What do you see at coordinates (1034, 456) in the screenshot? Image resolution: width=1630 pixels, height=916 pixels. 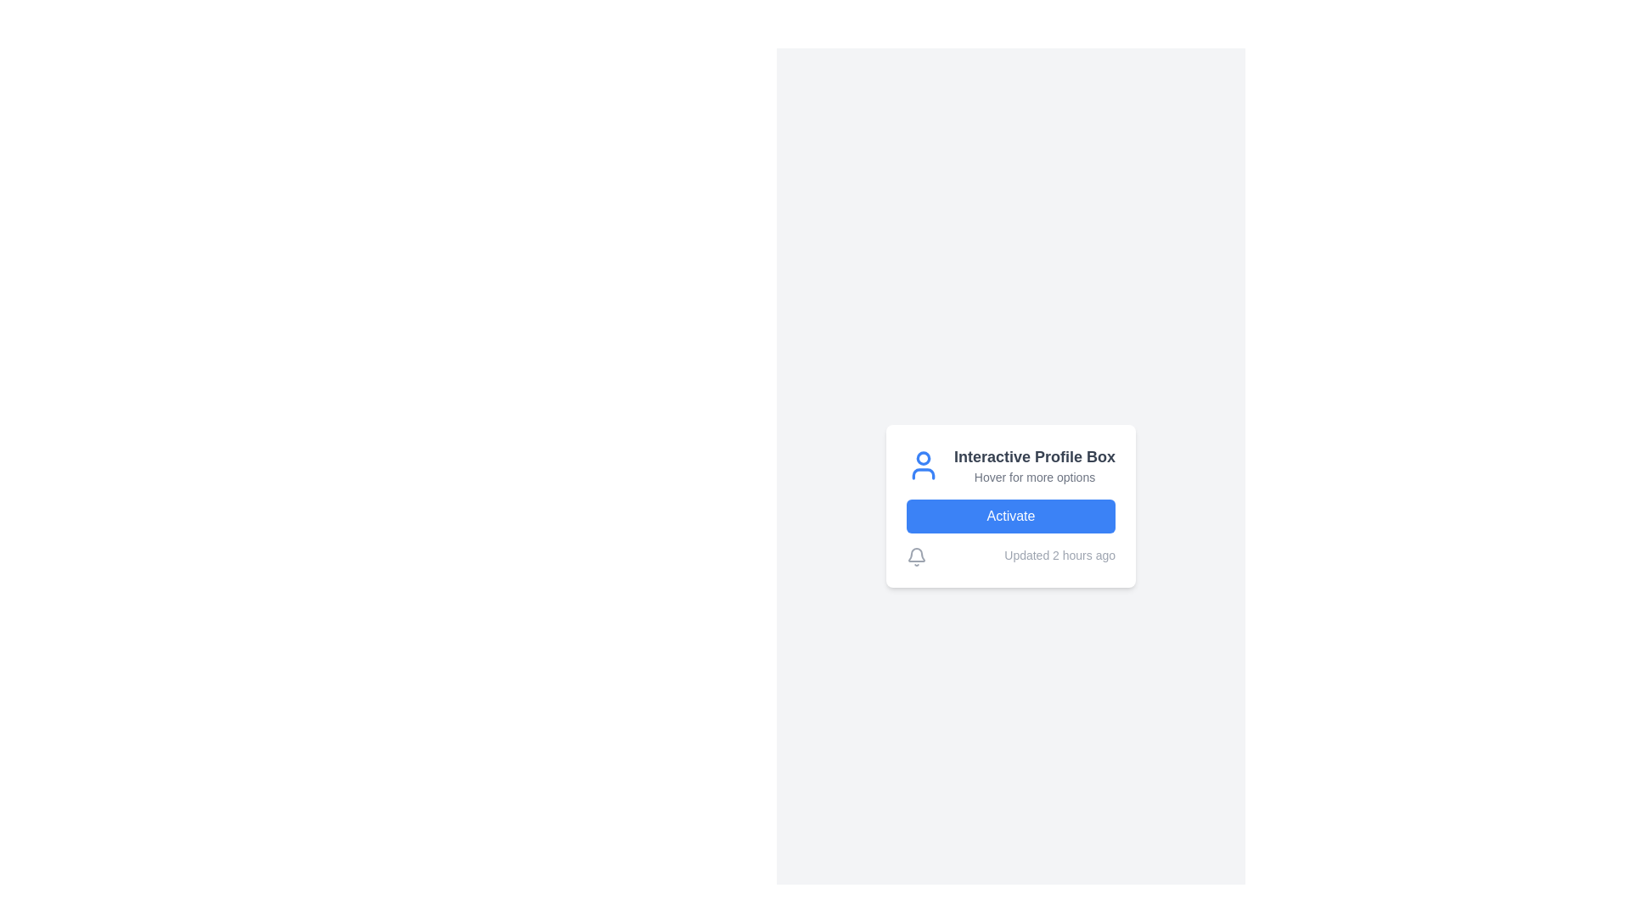 I see `the header text label that identifies the interactive profile component, located directly above the smaller text 'Hover for more options'` at bounding box center [1034, 456].